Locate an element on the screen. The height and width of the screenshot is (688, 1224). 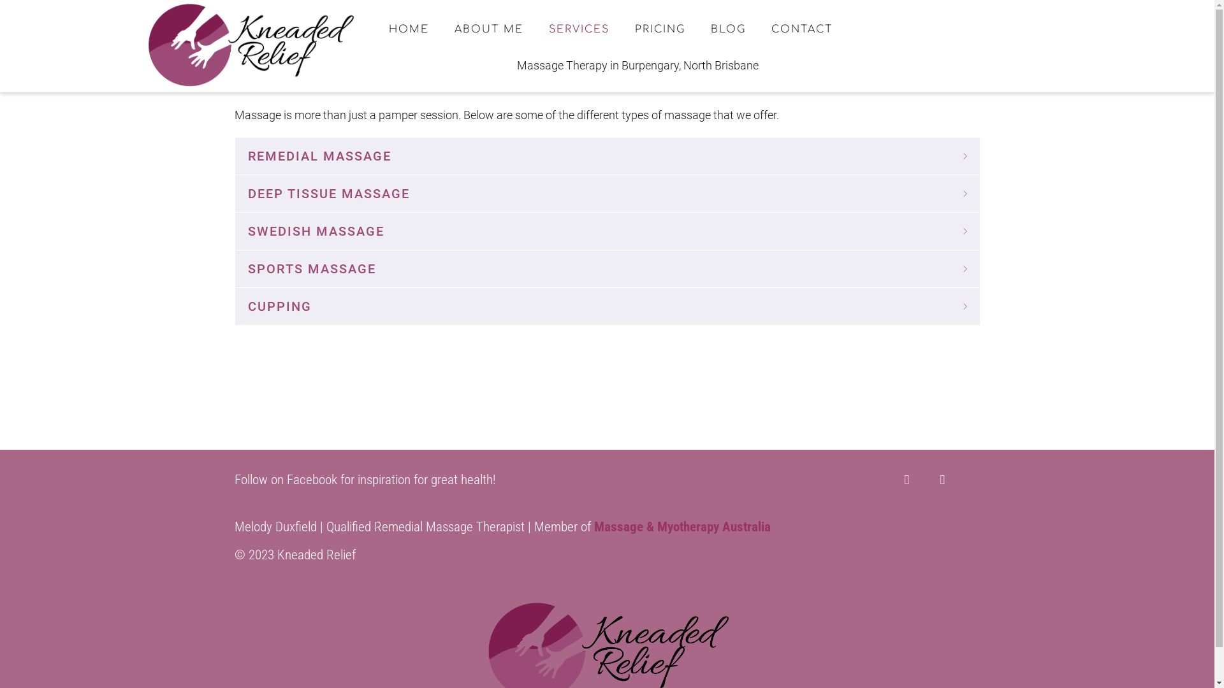
'PRICING' is located at coordinates (625, 29).